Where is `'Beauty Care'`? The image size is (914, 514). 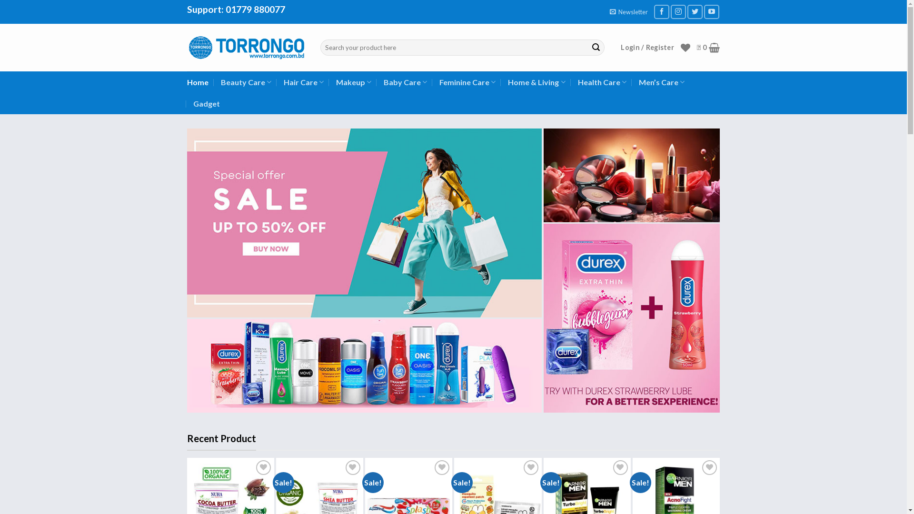 'Beauty Care' is located at coordinates (246, 81).